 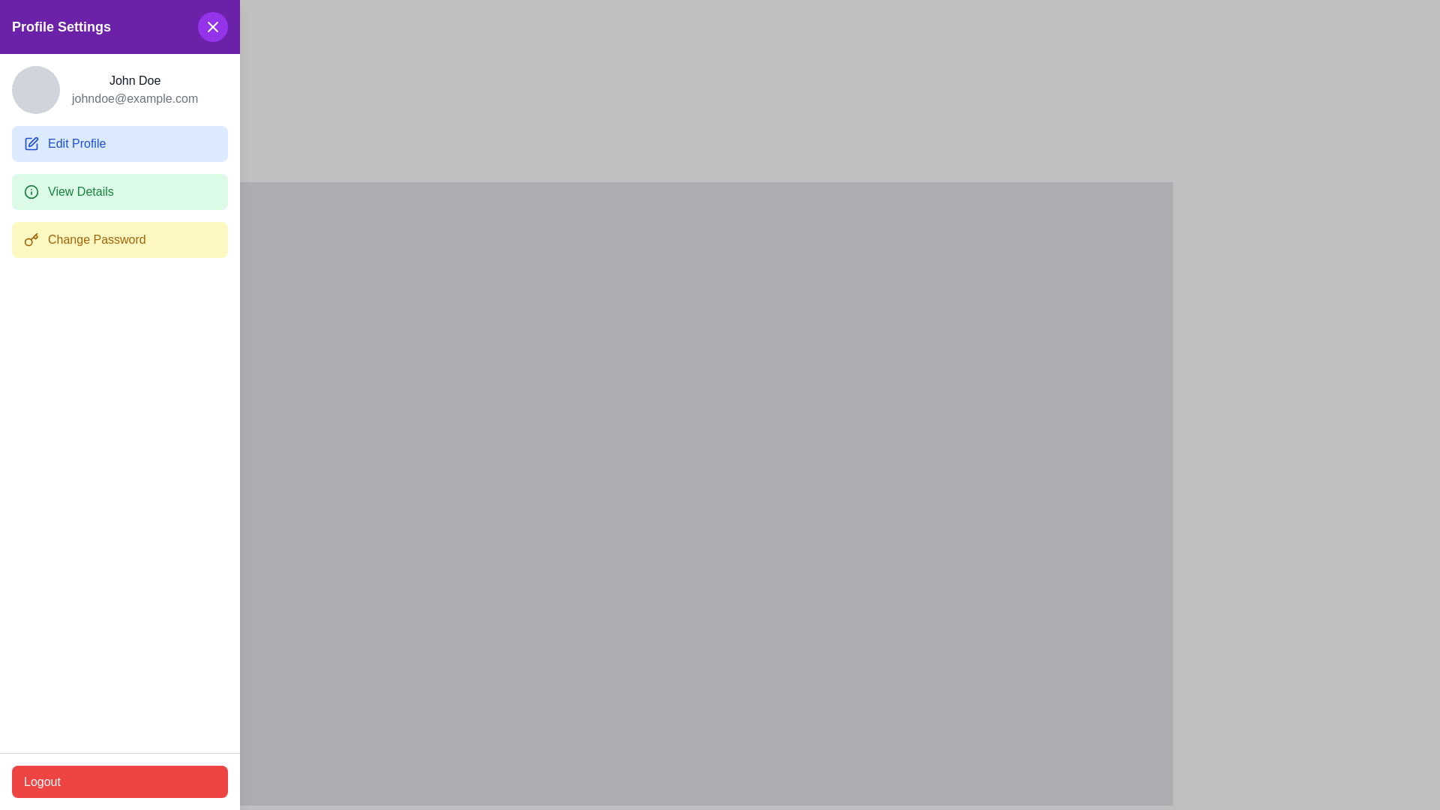 I want to click on the circular purple button with a white 'X' icon located in the top-right corner of the header bar, adjacent to 'Profile Settings', to change its background shade, so click(x=211, y=26).